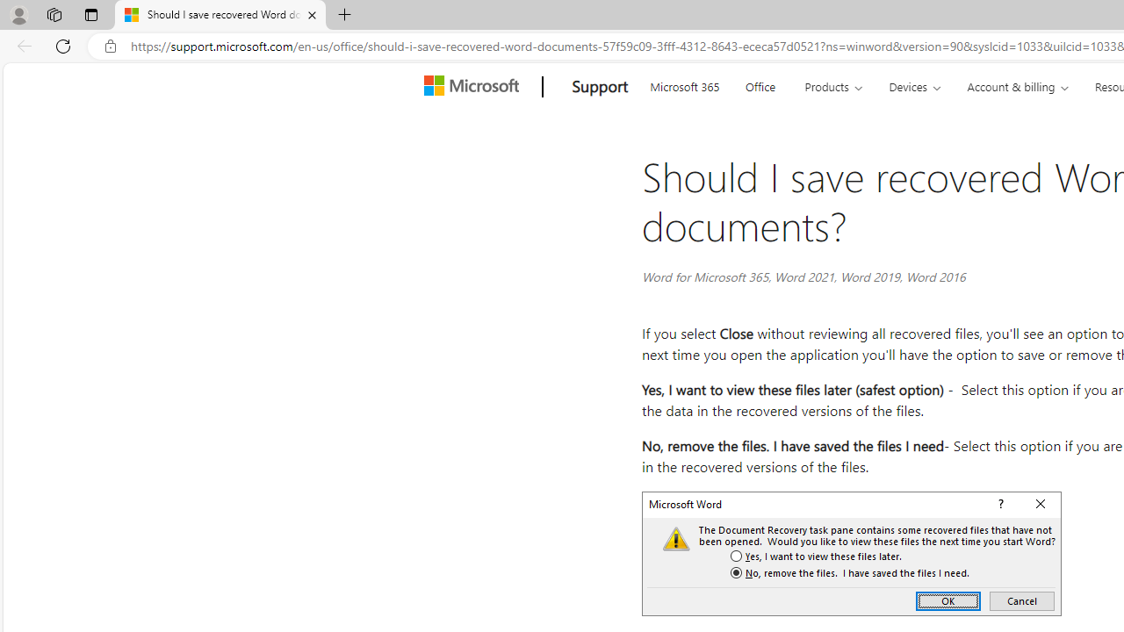 Image resolution: width=1124 pixels, height=632 pixels. Describe the element at coordinates (21, 45) in the screenshot. I see `'Back'` at that location.